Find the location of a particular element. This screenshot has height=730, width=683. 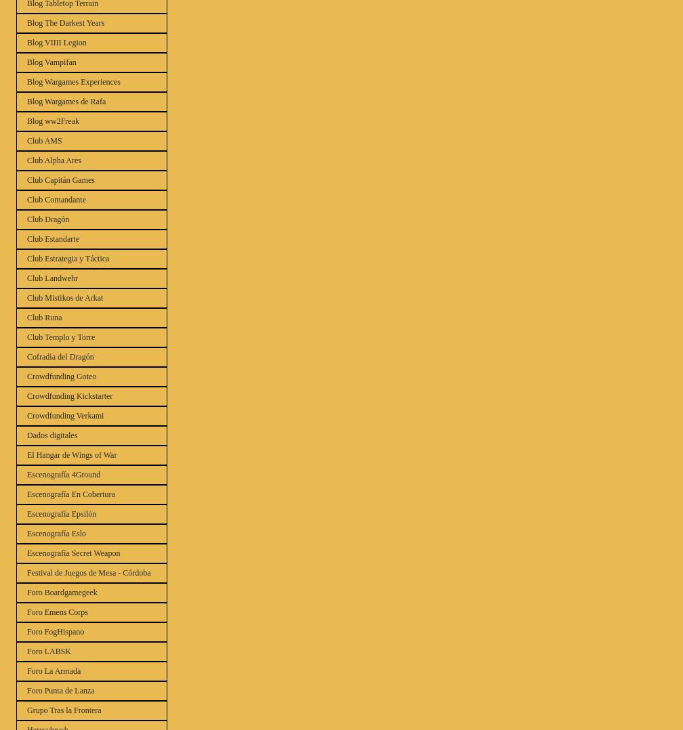

'Foro FogHispano' is located at coordinates (55, 631).